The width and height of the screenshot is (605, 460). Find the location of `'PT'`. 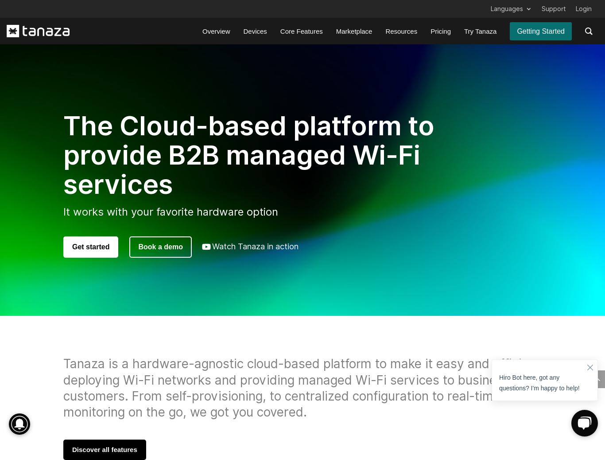

'PT' is located at coordinates (508, 104).